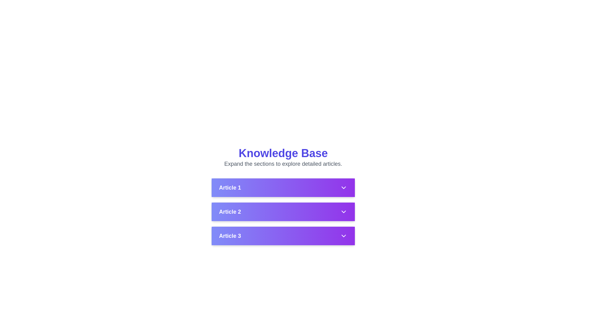  Describe the element at coordinates (283, 199) in the screenshot. I see `the Collapsible Panel Header labeled 'Article 1' to provide visual feedback` at that location.